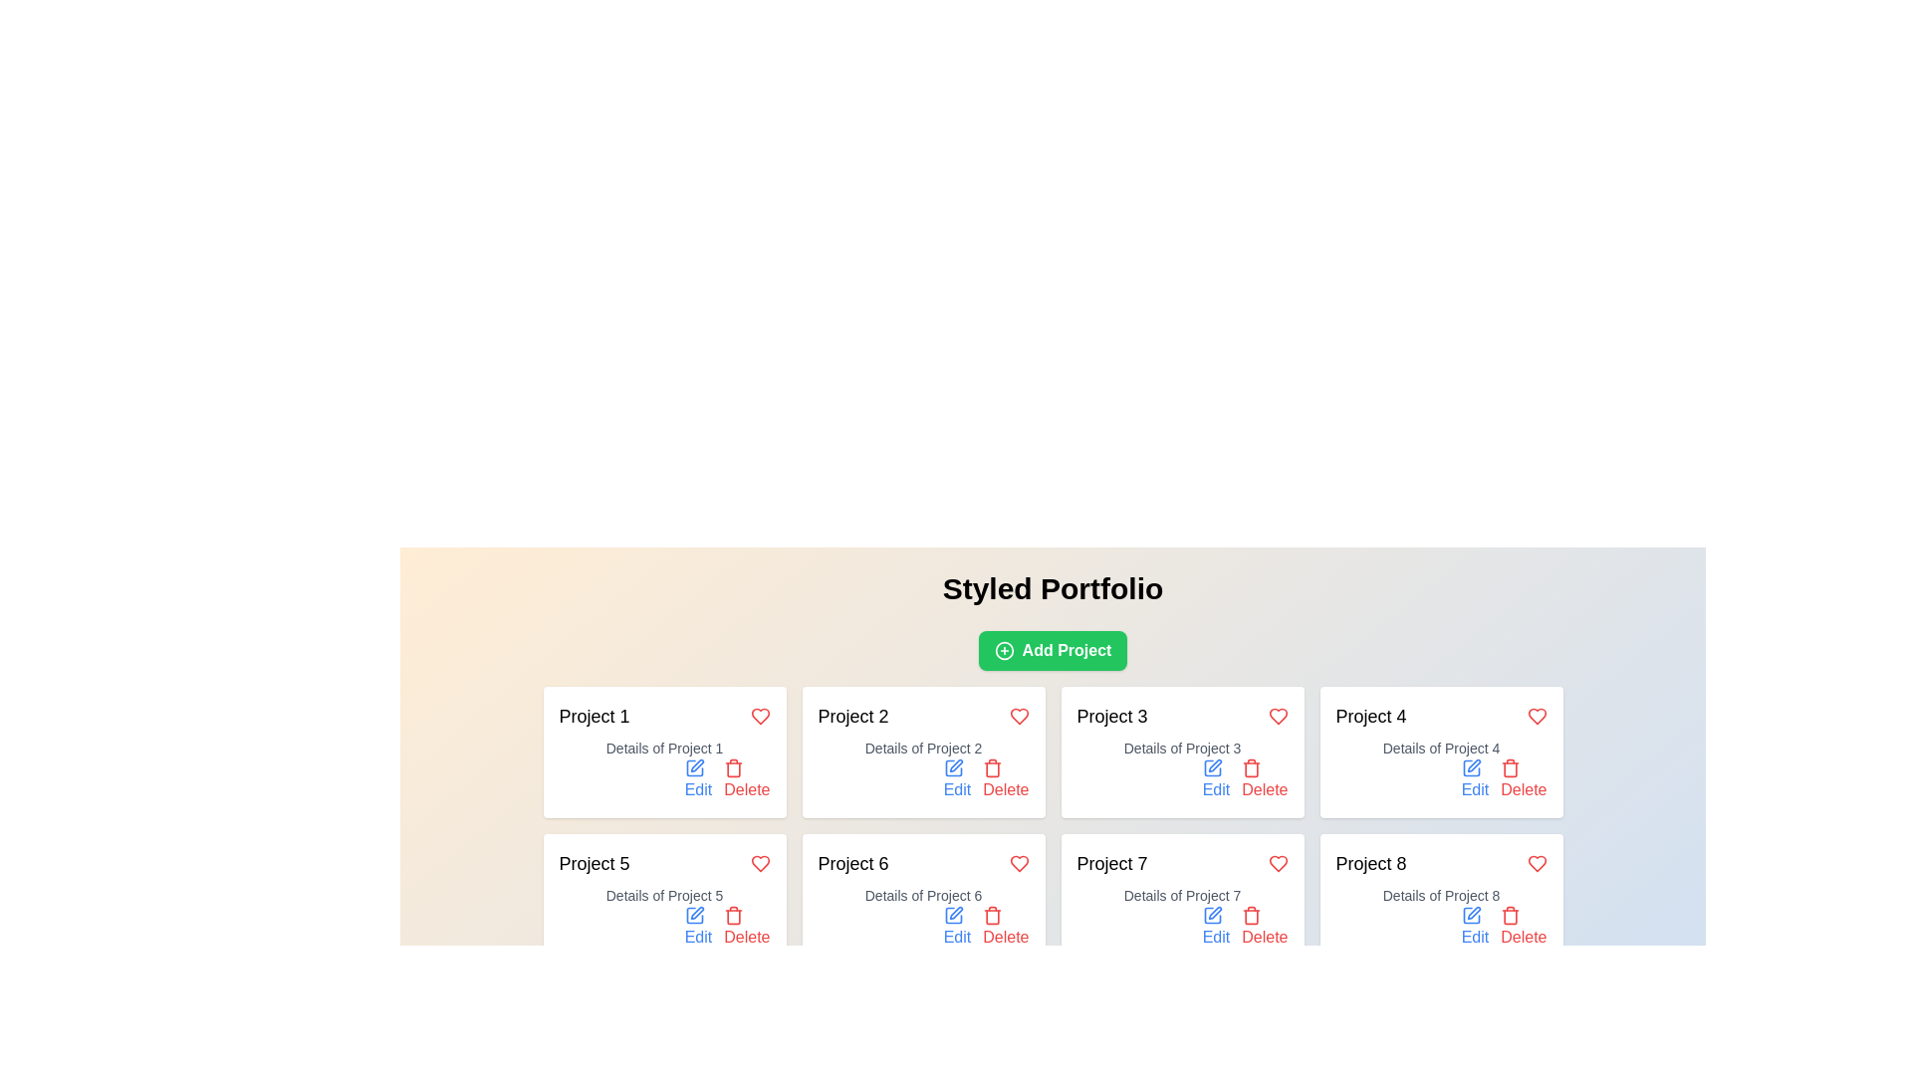 The height and width of the screenshot is (1075, 1912). I want to click on the favorite button located at the top-right corner of the 'Project 4' card to observe the hover effect, so click(1536, 717).